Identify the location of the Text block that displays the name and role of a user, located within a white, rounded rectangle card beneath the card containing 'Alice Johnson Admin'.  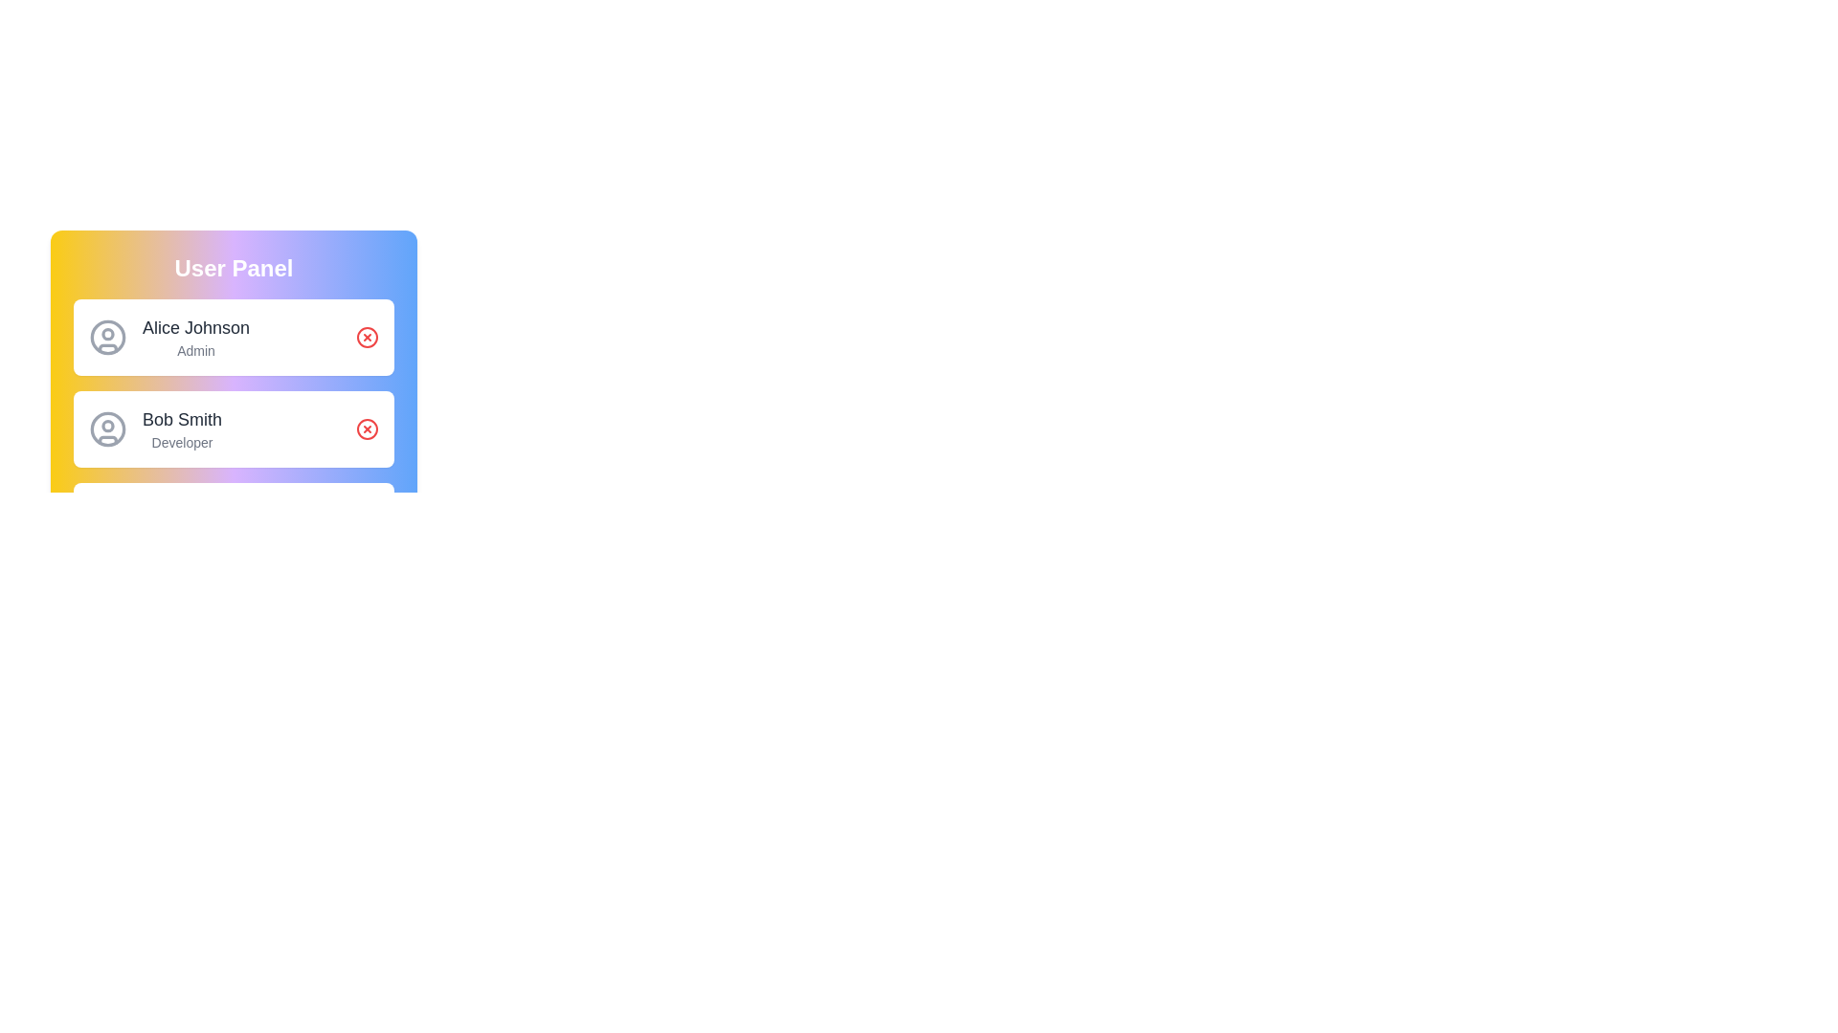
(182, 428).